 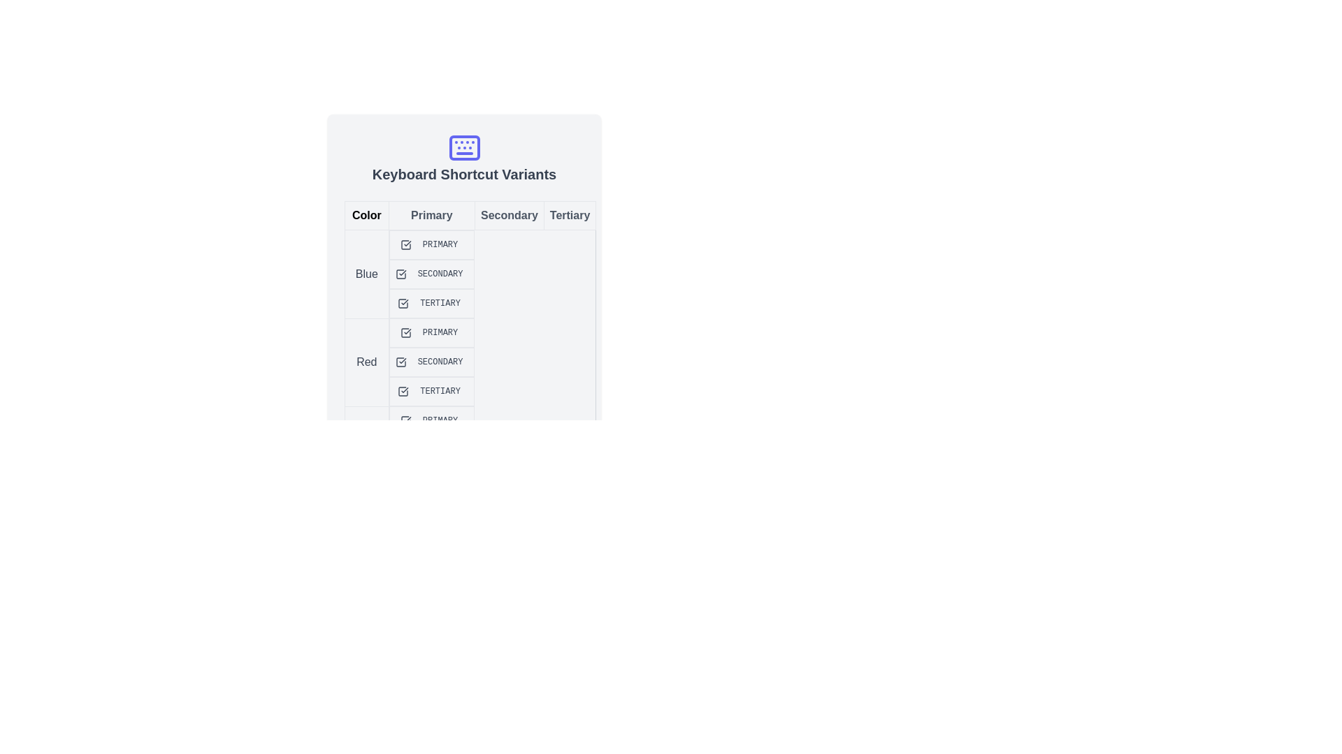 What do you see at coordinates (431, 303) in the screenshot?
I see `the blue 'Tertiary' label with a checkmark indicating a selected checkbox, located in the third column of the first row labeled 'Blue' in the data grid` at bounding box center [431, 303].